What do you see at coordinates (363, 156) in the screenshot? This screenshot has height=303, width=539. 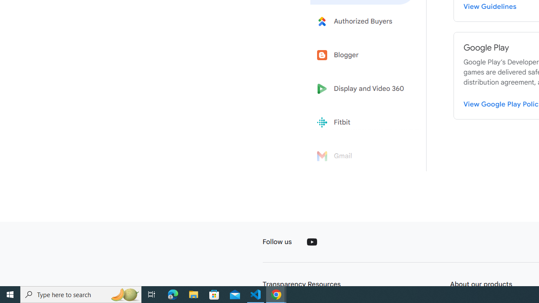 I see `'Gmail'` at bounding box center [363, 156].